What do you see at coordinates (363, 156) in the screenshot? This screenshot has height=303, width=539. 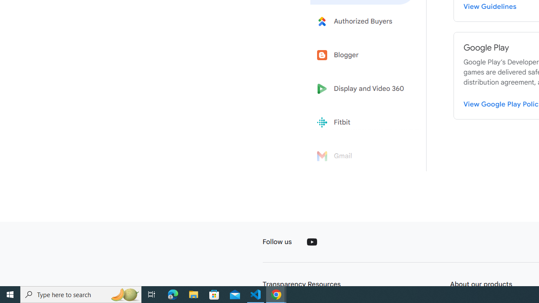 I see `'Gmail'` at bounding box center [363, 156].